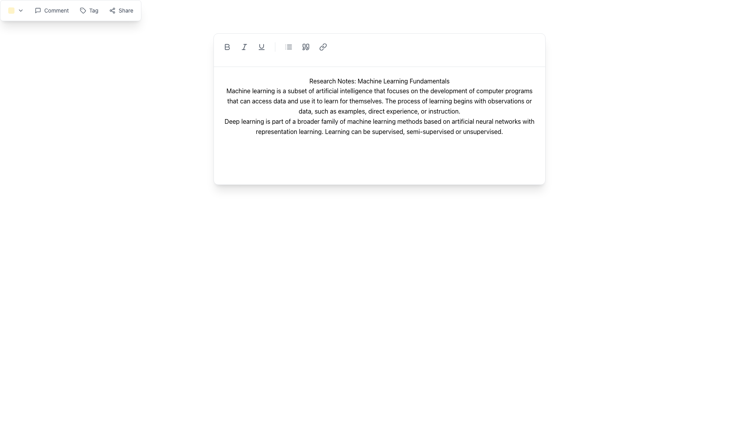  Describe the element at coordinates (261, 47) in the screenshot. I see `the underline button, which is the fourth icon in the formatting toolbar, to apply underline formatting to the selected text` at that location.